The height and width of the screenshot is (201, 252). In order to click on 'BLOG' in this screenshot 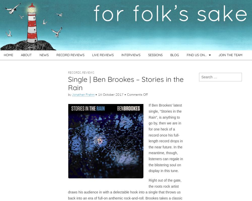, I will do `click(170, 55)`.